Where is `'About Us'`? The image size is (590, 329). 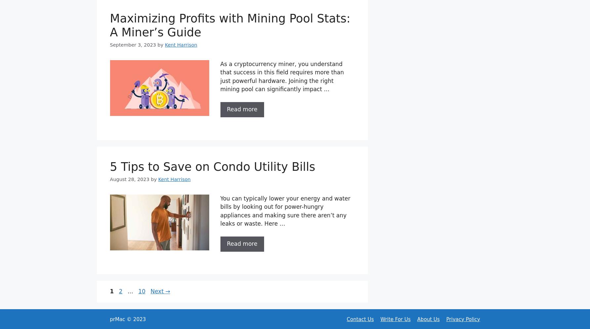 'About Us' is located at coordinates (428, 319).